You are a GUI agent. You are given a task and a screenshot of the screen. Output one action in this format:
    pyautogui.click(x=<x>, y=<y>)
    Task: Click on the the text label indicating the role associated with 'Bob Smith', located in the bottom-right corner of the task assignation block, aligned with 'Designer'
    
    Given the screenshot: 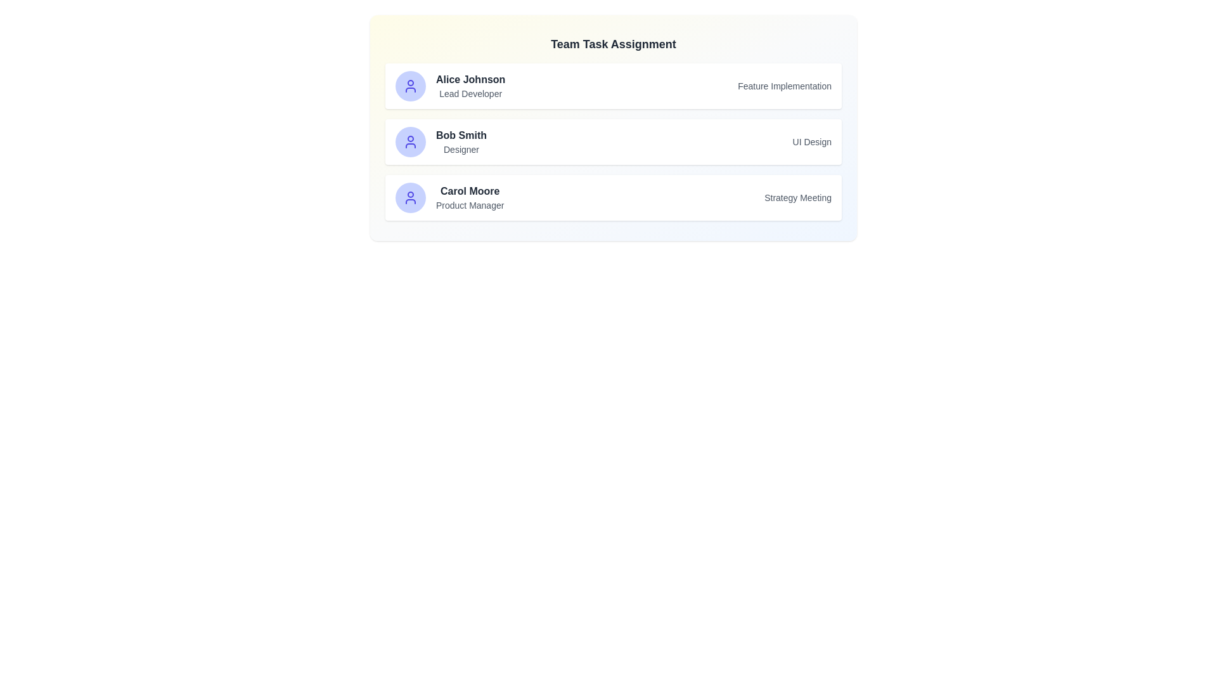 What is the action you would take?
    pyautogui.click(x=812, y=141)
    